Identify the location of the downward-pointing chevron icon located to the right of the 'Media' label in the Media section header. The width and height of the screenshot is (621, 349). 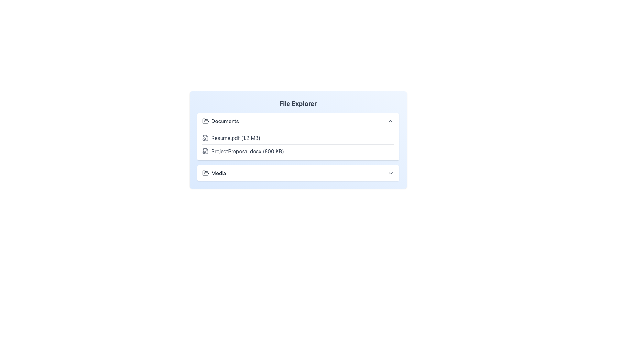
(390, 173).